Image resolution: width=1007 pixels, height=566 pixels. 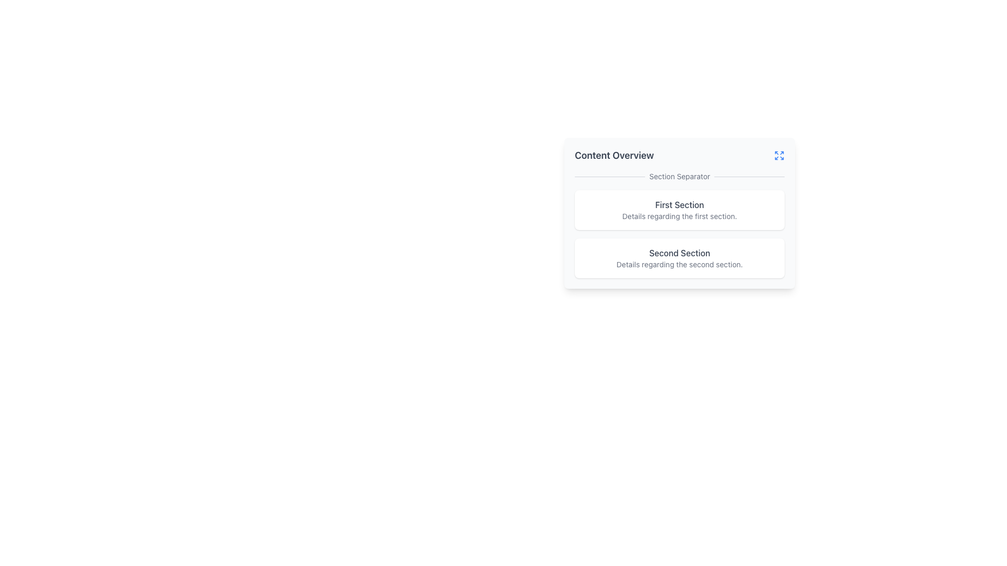 What do you see at coordinates (680, 264) in the screenshot?
I see `the descriptive text label located directly below the 'Second Section' heading, which provides additional information about that section` at bounding box center [680, 264].